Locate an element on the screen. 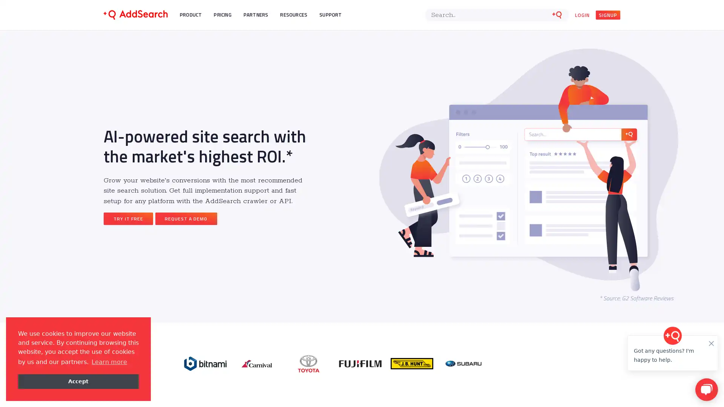 This screenshot has height=407, width=724. dismiss cookie message is located at coordinates (78, 381).